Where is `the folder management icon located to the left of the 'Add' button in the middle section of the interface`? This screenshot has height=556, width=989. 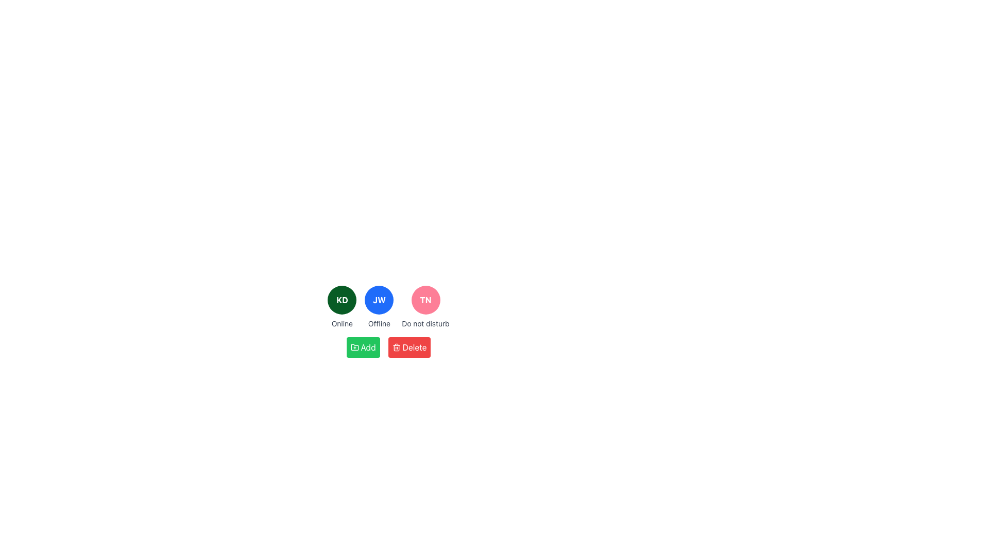 the folder management icon located to the left of the 'Add' button in the middle section of the interface is located at coordinates (354, 347).